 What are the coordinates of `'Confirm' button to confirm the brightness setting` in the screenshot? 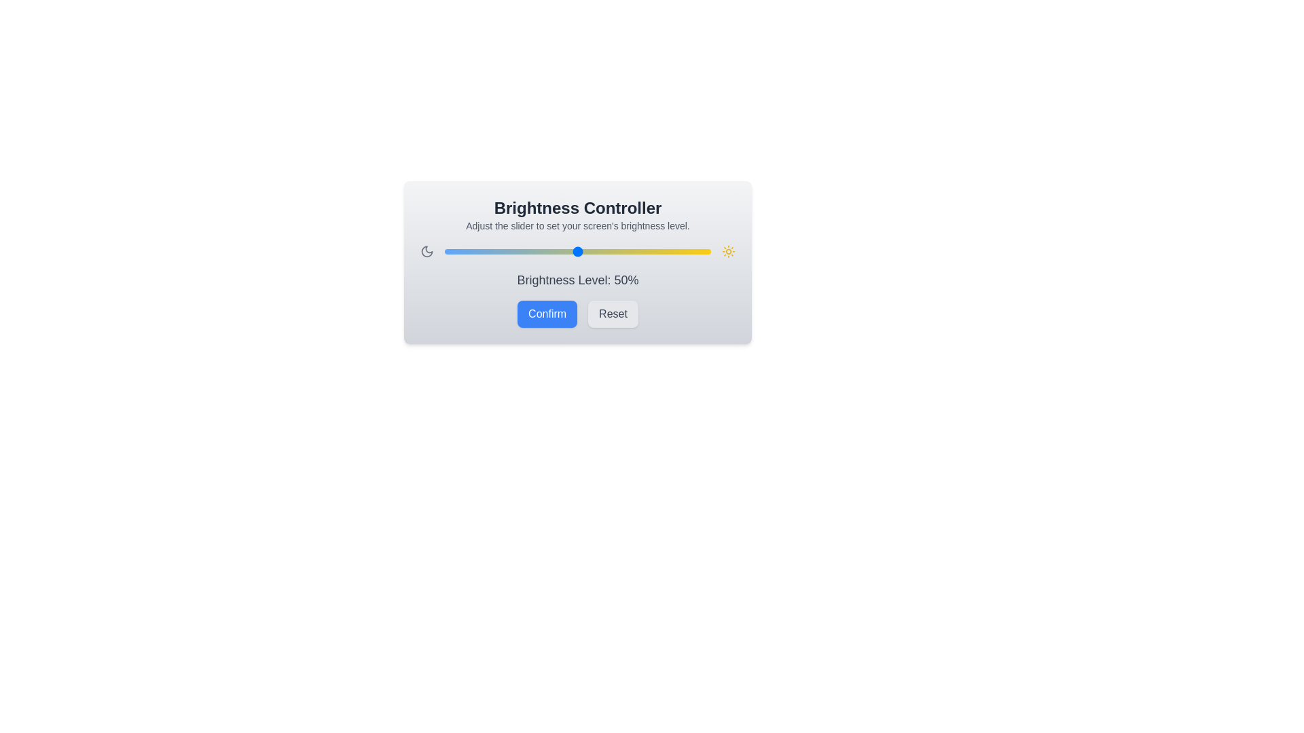 It's located at (547, 314).